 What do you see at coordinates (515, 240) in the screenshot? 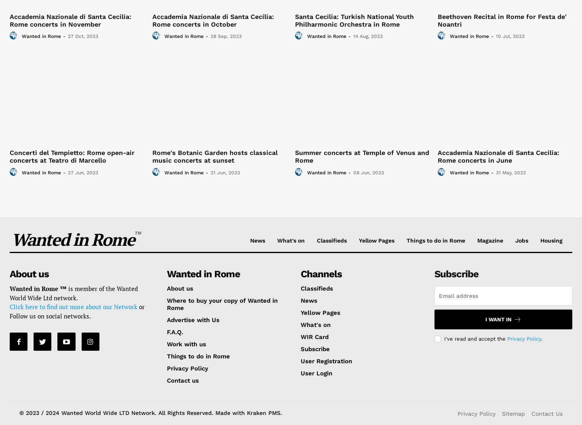
I see `'Jobs'` at bounding box center [515, 240].